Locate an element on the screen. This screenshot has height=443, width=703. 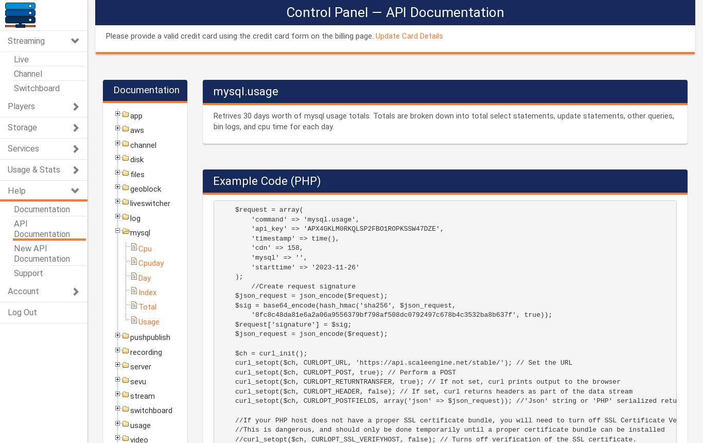
'liveswitcher' is located at coordinates (130, 202).